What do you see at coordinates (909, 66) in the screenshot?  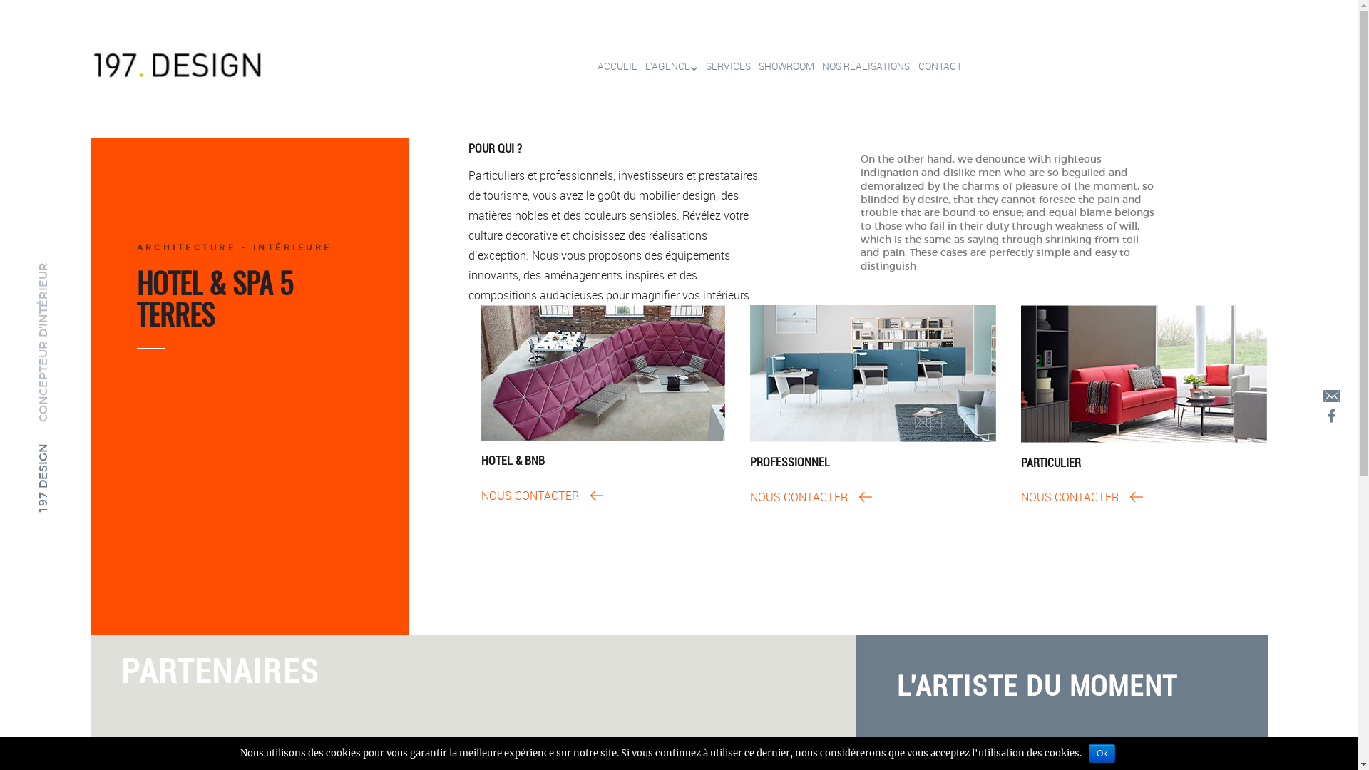 I see `'CONTACT'` at bounding box center [909, 66].